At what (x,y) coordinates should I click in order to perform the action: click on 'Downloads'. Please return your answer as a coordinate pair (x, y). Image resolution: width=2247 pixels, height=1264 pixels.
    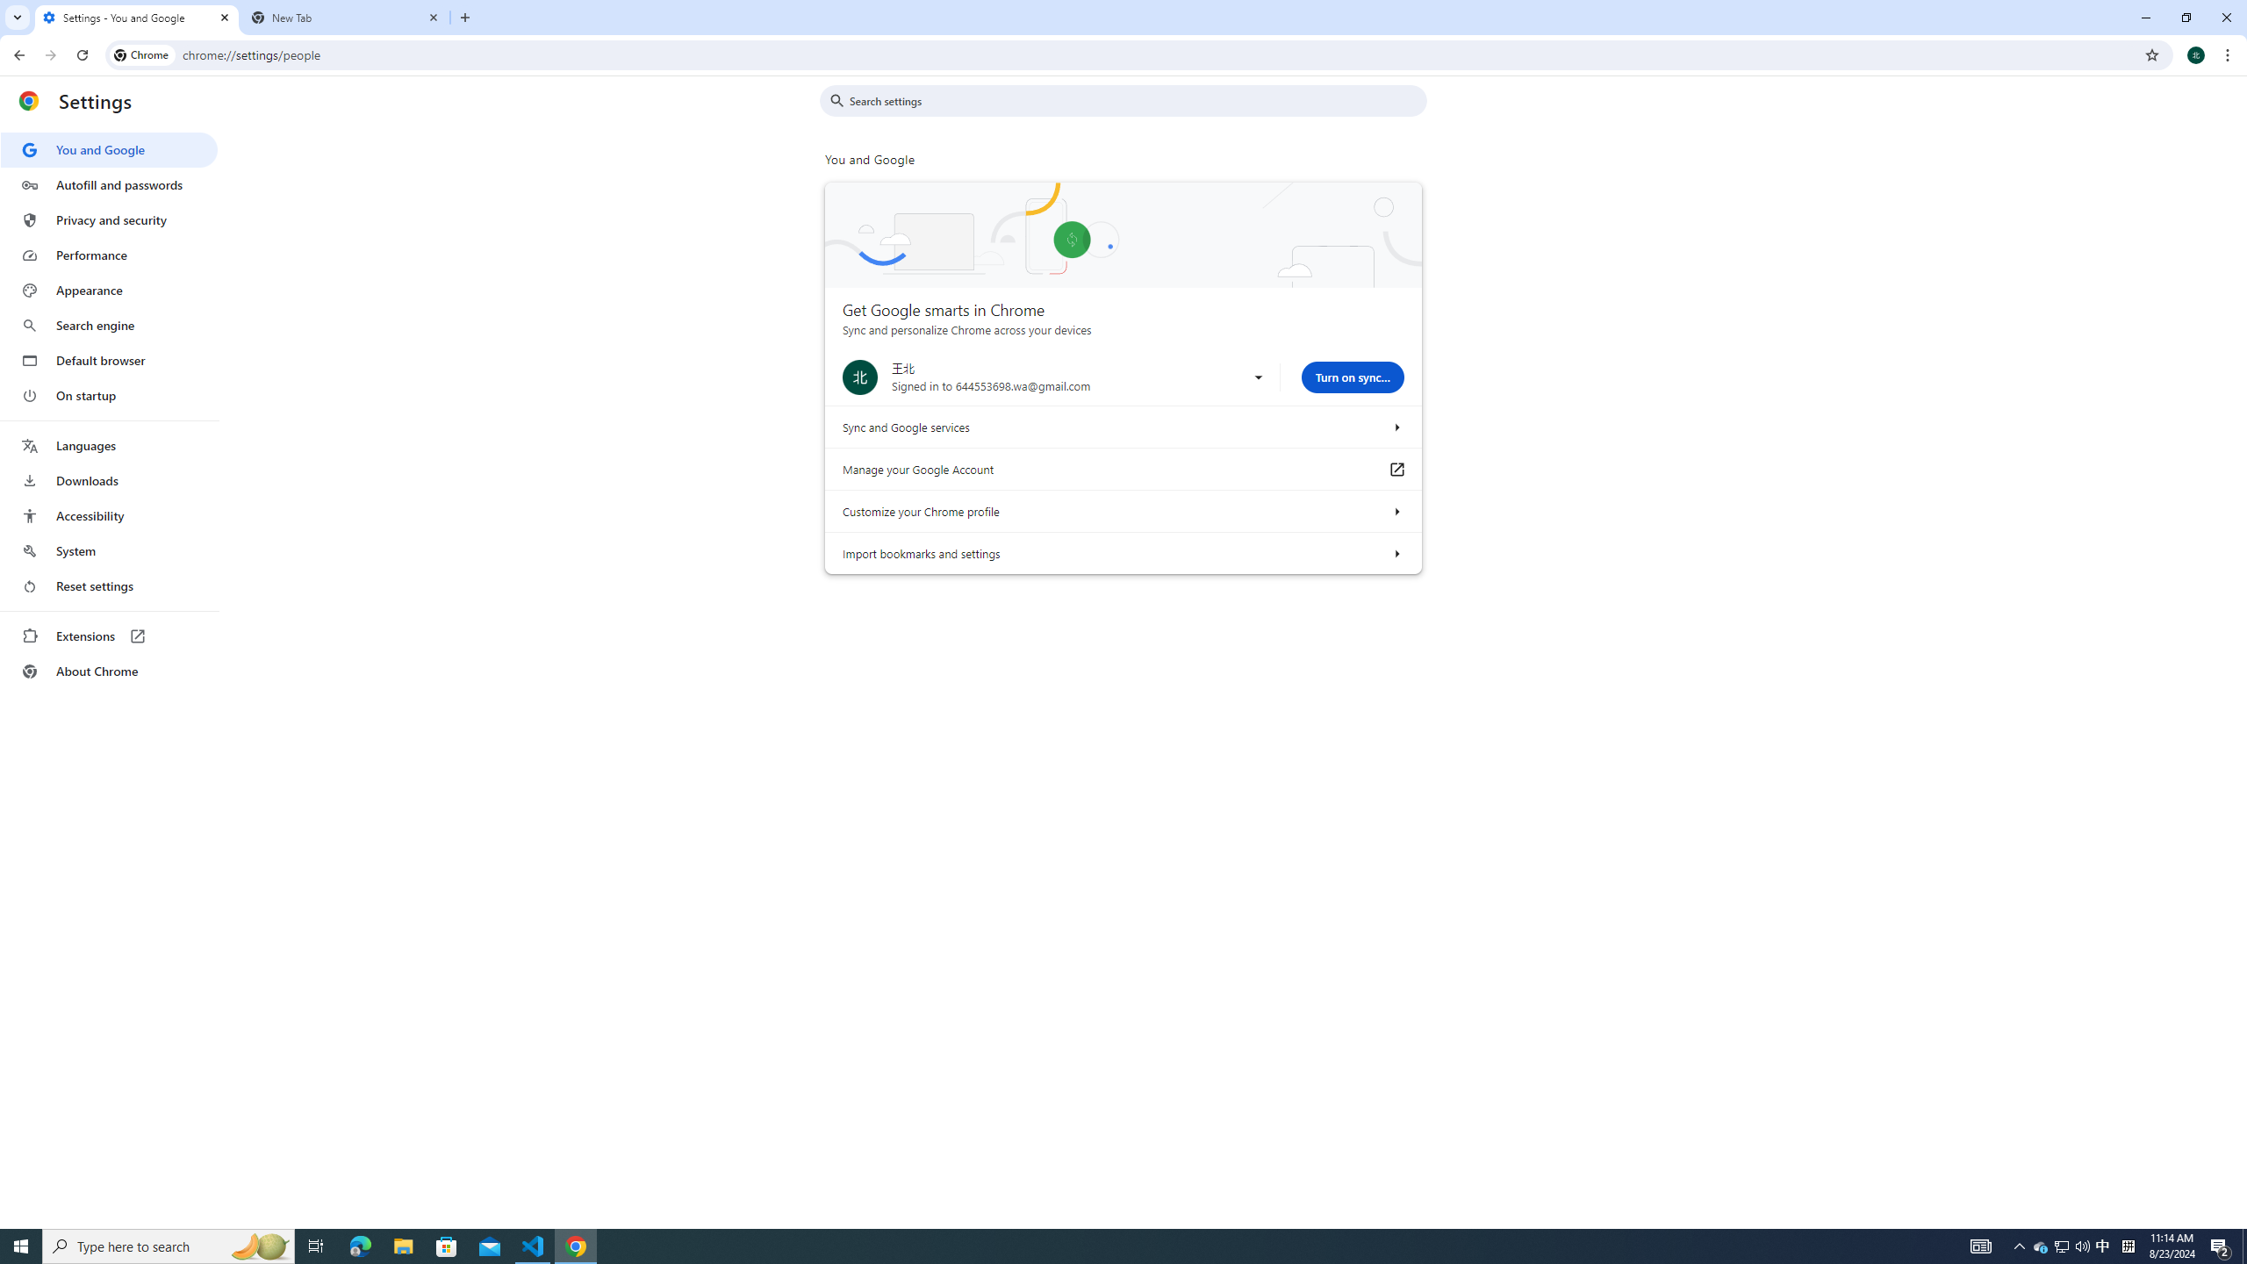
    Looking at the image, I should click on (108, 480).